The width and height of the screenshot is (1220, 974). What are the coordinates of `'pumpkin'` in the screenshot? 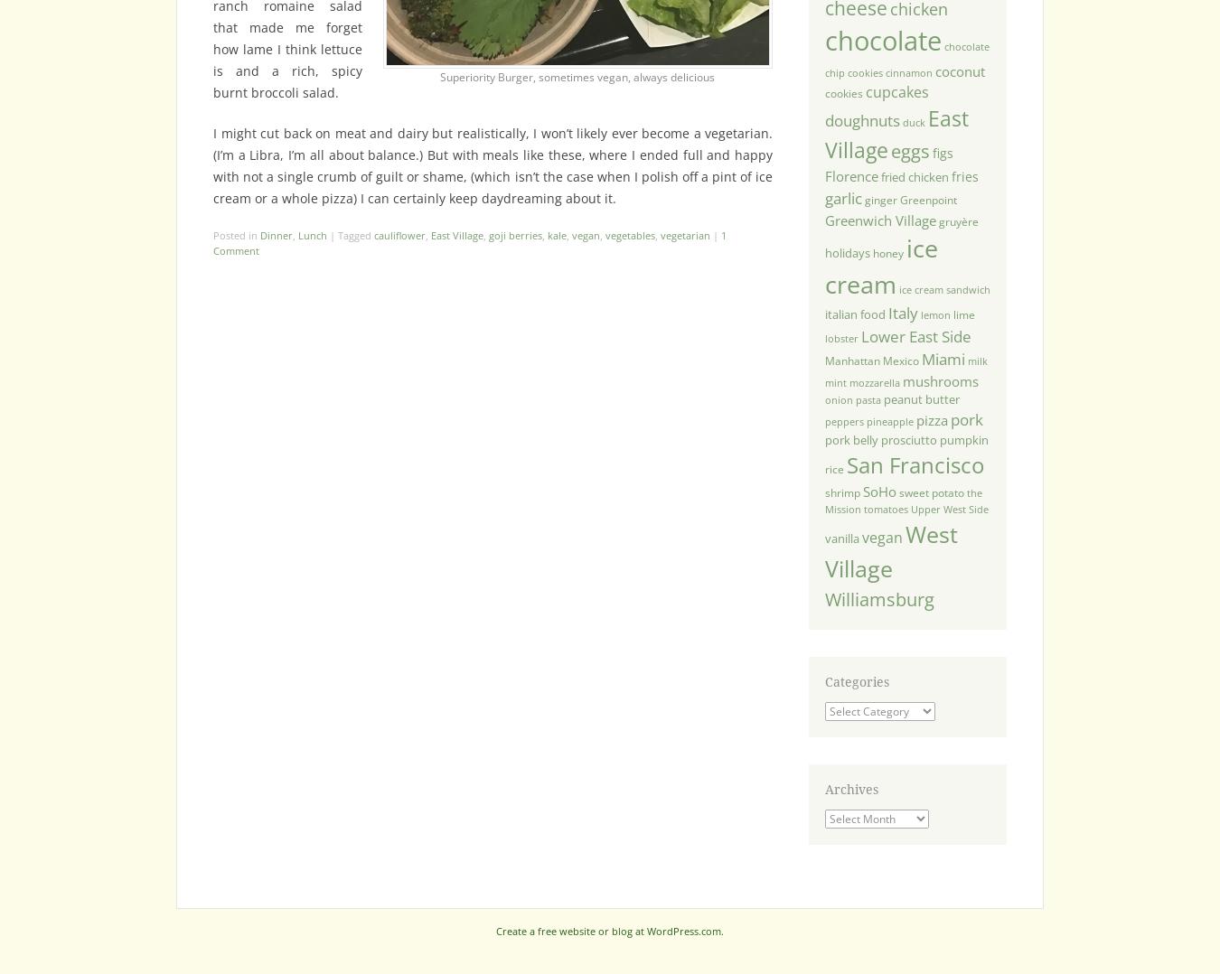 It's located at (962, 437).